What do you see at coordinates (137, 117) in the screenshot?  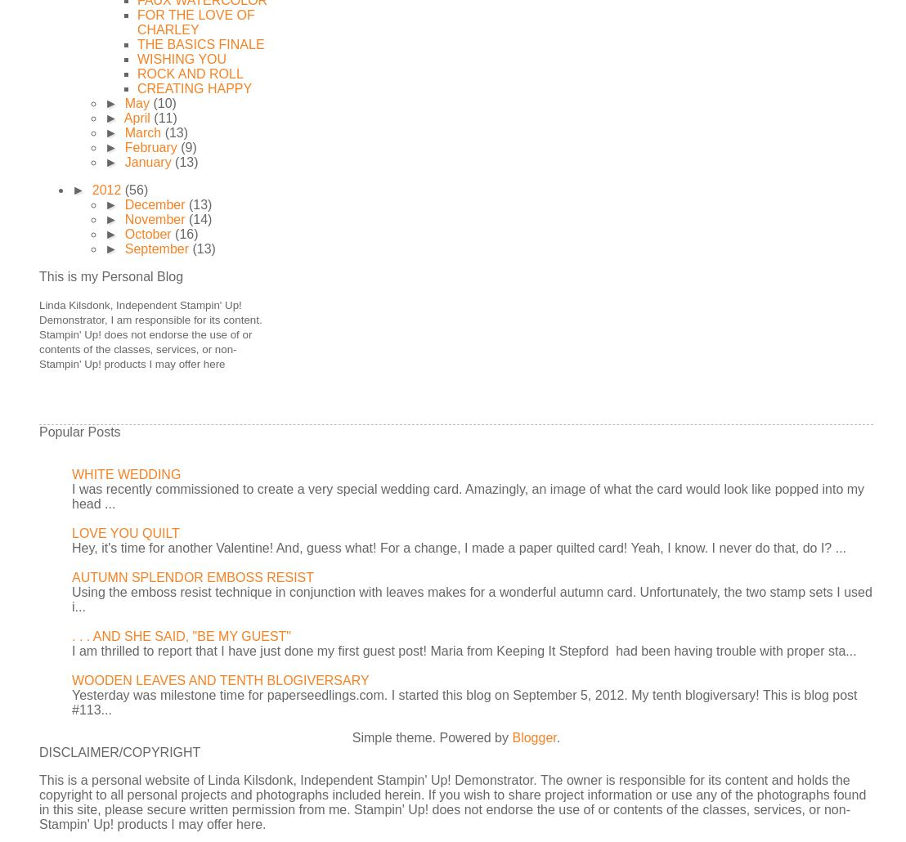 I see `'April'` at bounding box center [137, 117].